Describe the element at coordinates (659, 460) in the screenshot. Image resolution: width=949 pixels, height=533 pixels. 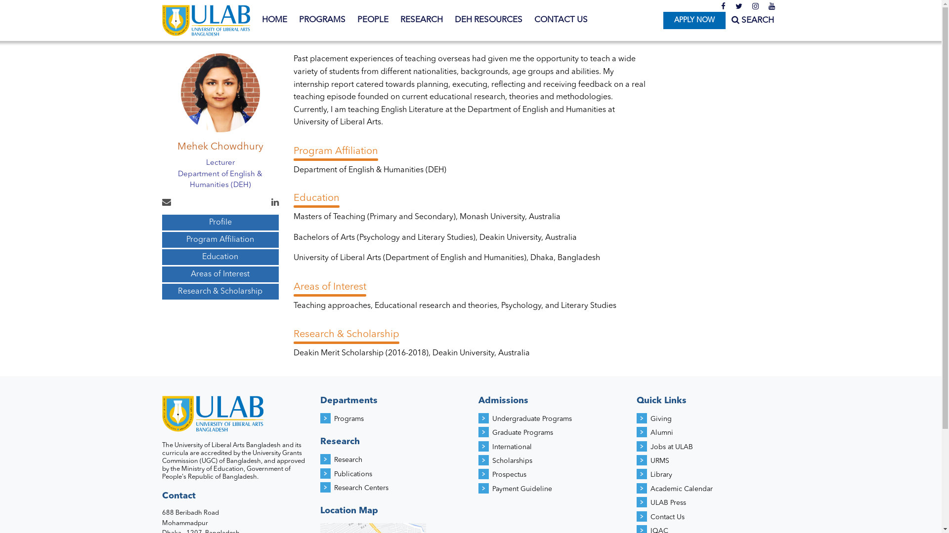
I see `'URMS'` at that location.